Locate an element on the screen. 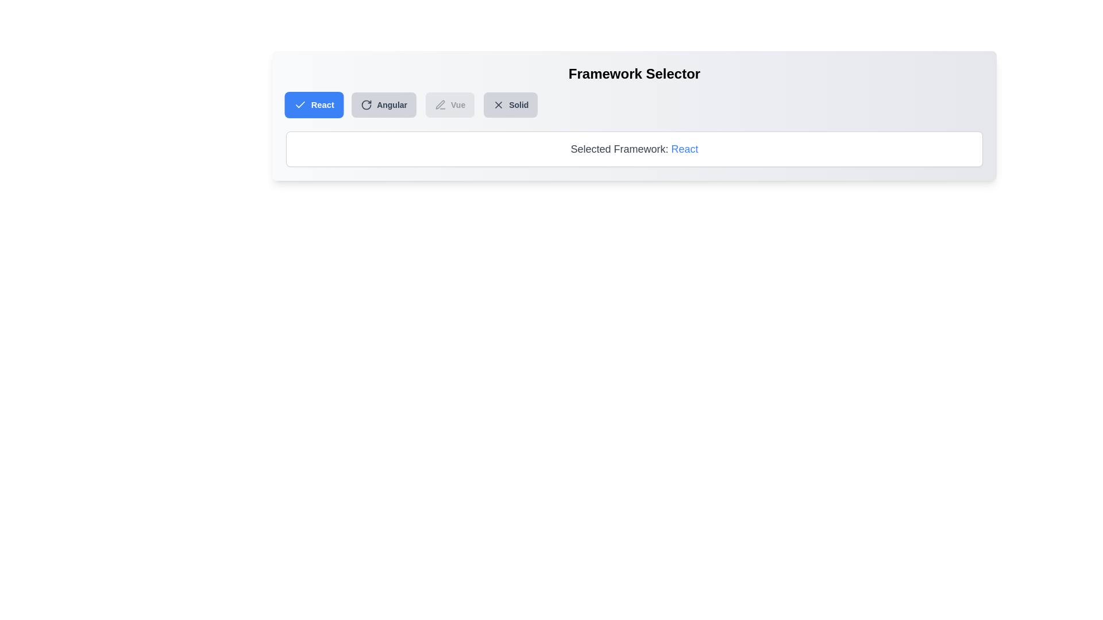  the pen icon located on the Vue button in the framework selector interface, which is styled in a light shade and positioned to the left of the text label 'Vue' is located at coordinates (439, 104).